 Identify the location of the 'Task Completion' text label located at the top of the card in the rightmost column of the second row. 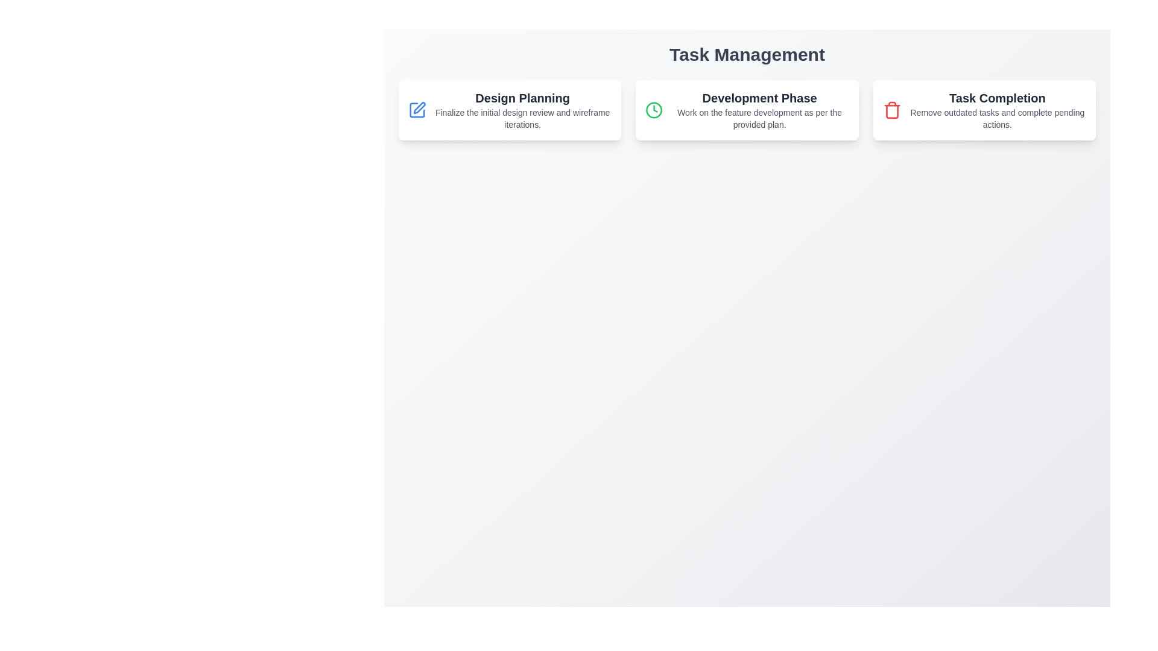
(997, 97).